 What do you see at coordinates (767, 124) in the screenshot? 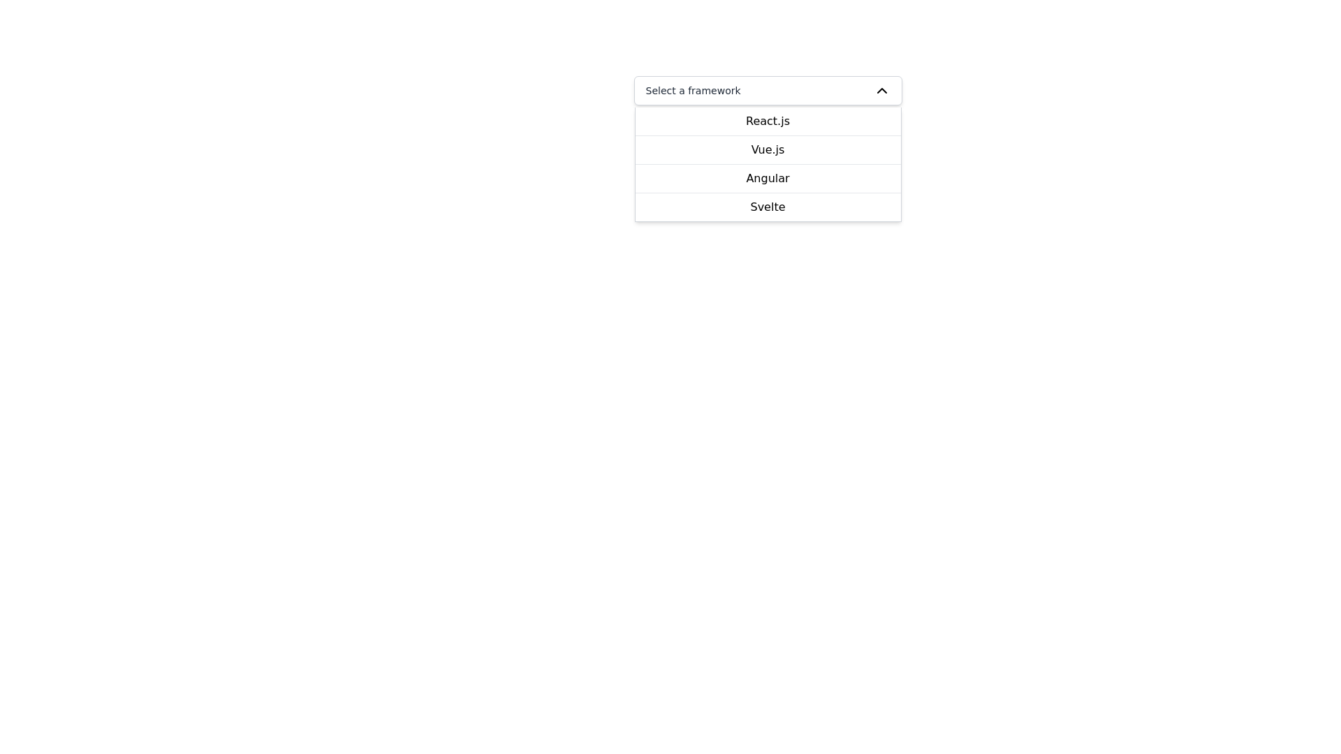
I see `explanatory text label located below the 'Select a framework' dropdown menu, which provides context about the selected framework` at bounding box center [767, 124].